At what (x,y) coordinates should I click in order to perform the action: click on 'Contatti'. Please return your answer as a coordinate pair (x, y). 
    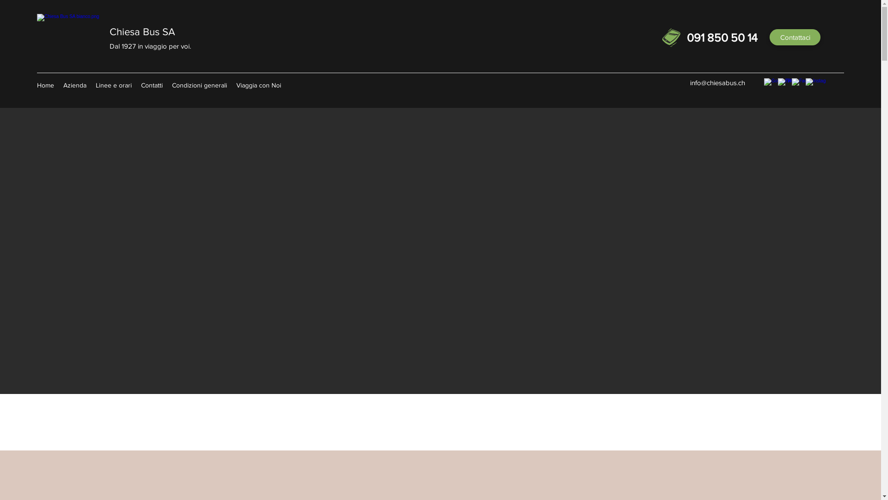
    Looking at the image, I should click on (152, 85).